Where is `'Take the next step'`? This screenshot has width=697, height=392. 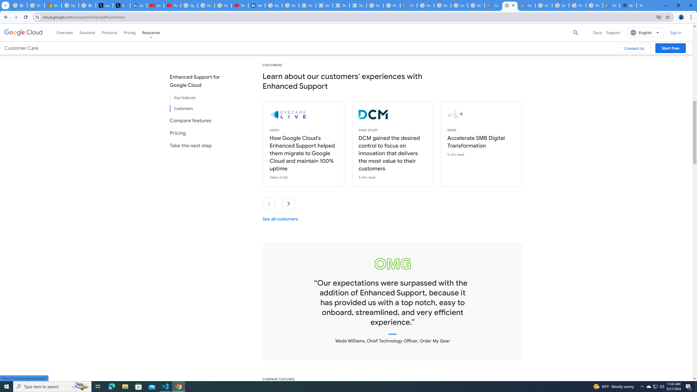 'Take the next step' is located at coordinates (199, 145).